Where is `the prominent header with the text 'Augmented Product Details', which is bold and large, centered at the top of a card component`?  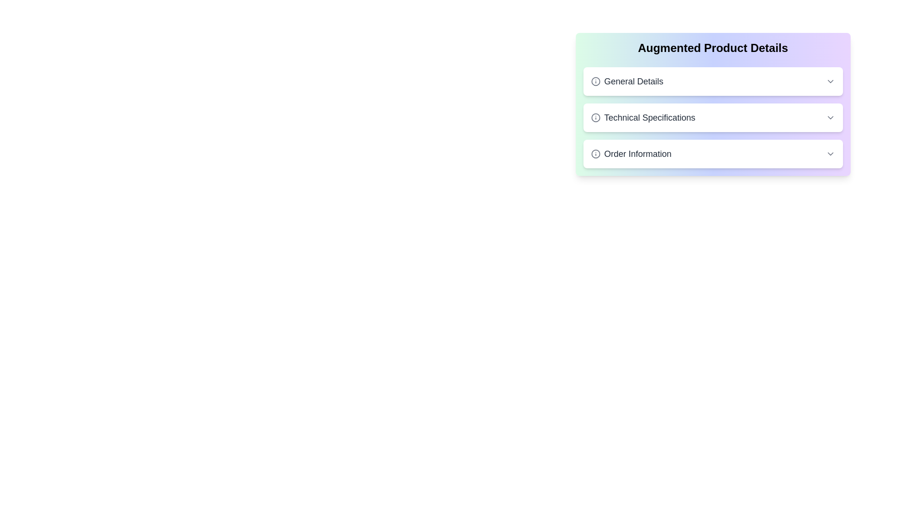
the prominent header with the text 'Augmented Product Details', which is bold and large, centered at the top of a card component is located at coordinates (713, 48).